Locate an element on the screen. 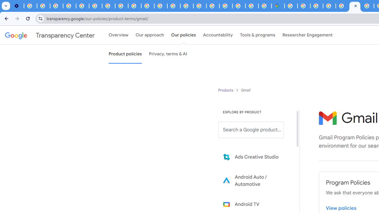 This screenshot has width=379, height=213. 'Delete photos & videos - Computer - Google Photos Help' is located at coordinates (30, 6).